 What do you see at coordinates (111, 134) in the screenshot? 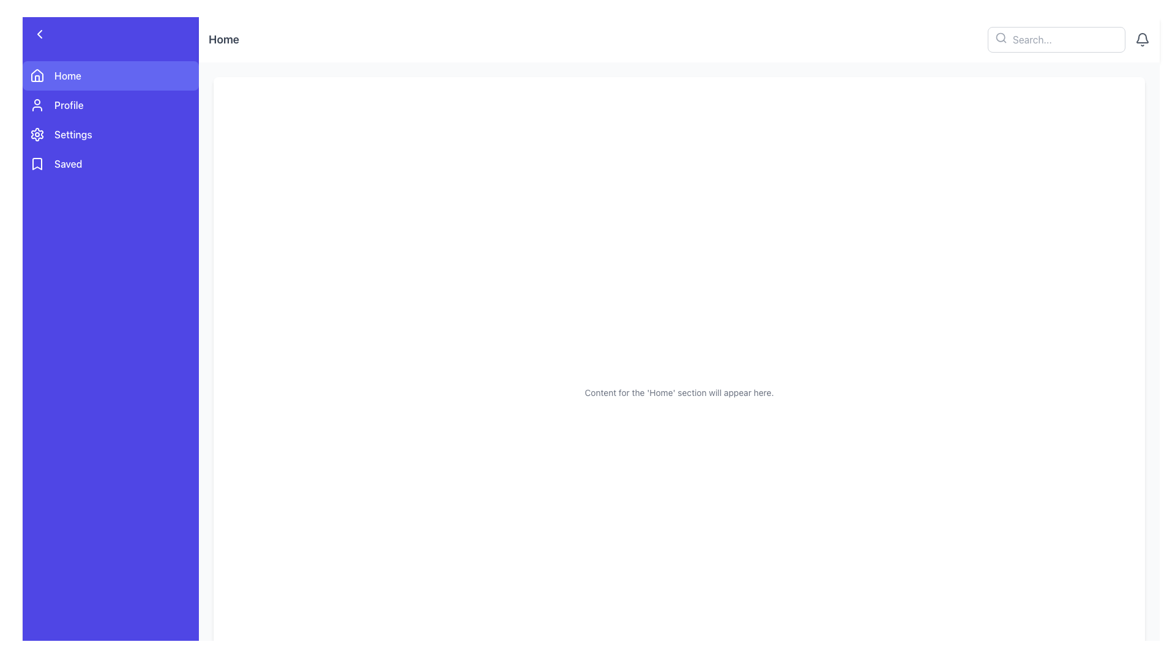
I see `the 'Settings' button located in the vertical navigation menu on the left sidebar` at bounding box center [111, 134].